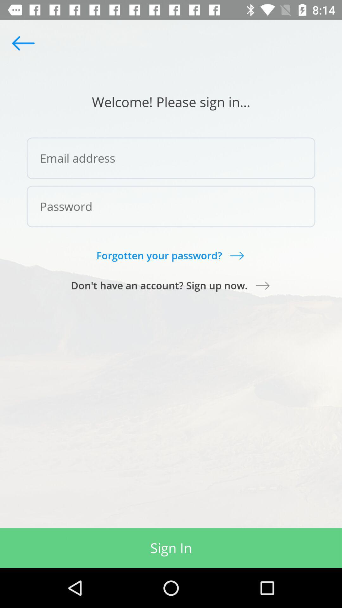 This screenshot has height=608, width=342. Describe the element at coordinates (171, 158) in the screenshot. I see `the item below the welcome please sign icon` at that location.